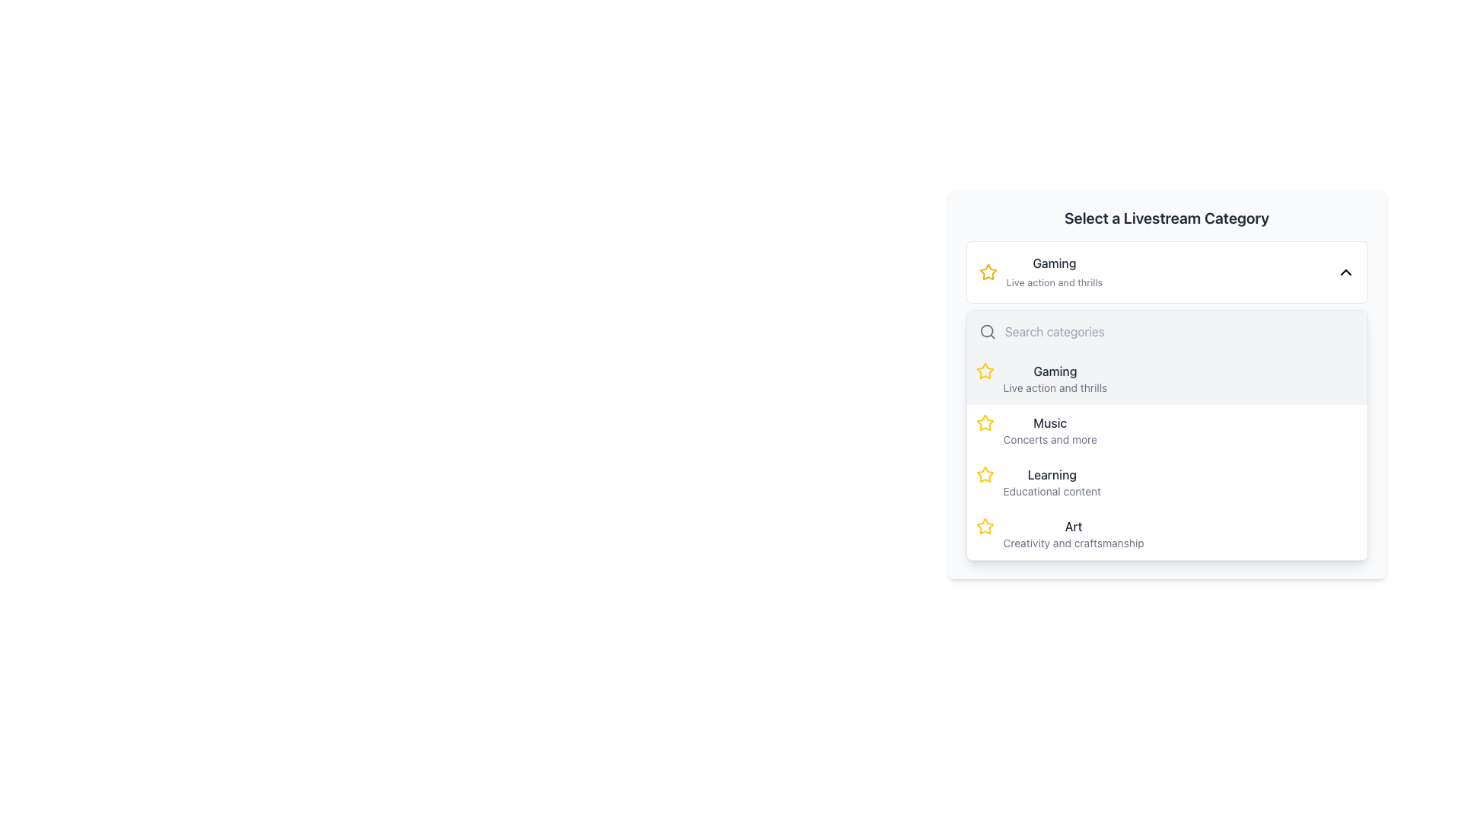 The width and height of the screenshot is (1461, 822). What do you see at coordinates (1073, 542) in the screenshot?
I see `the text label that contains 'Creativity and craftsmanship', which is styled with a smaller font size in a lighter gray color and located below the text 'Art' in the 'Select a Livestream Category' dropdown menu` at bounding box center [1073, 542].